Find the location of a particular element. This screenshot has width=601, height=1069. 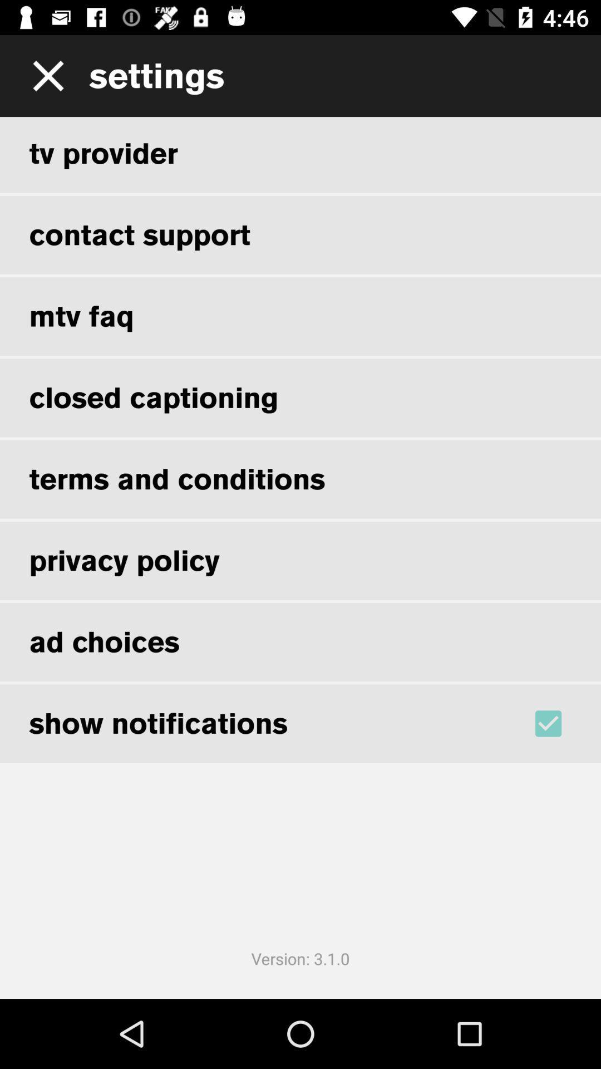

the item below the ad choices is located at coordinates (563, 723).